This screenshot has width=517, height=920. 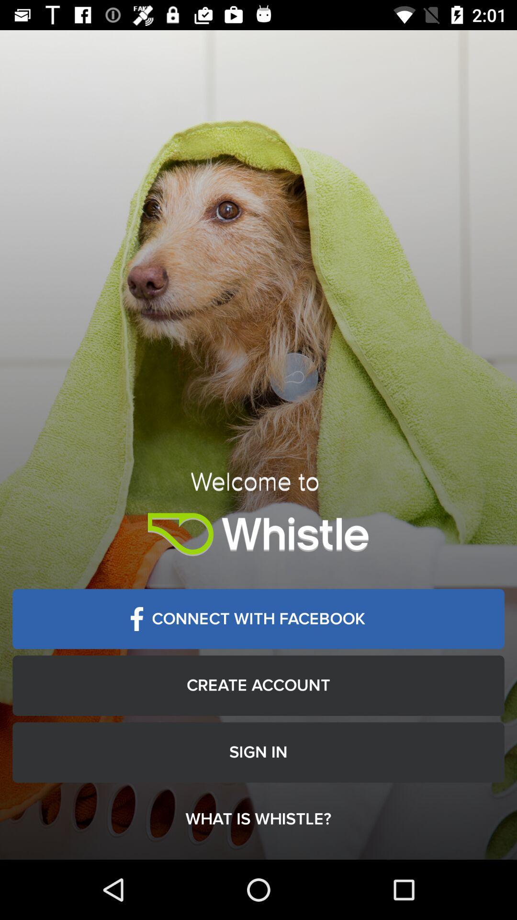 I want to click on the create account item, so click(x=258, y=685).